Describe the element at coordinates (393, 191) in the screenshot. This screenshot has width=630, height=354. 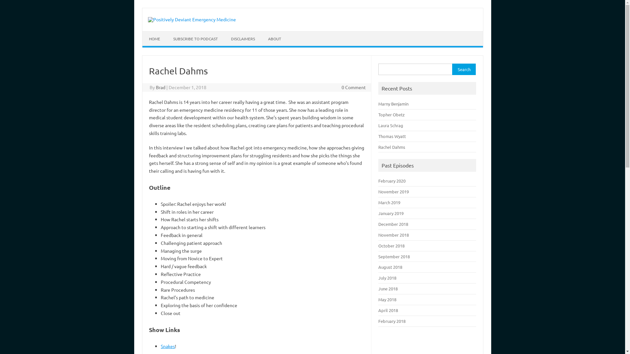
I see `'November 2019'` at that location.